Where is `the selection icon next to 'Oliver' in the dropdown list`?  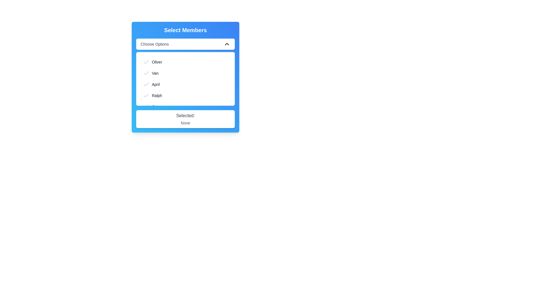
the selection icon next to 'Oliver' in the dropdown list is located at coordinates (146, 62).